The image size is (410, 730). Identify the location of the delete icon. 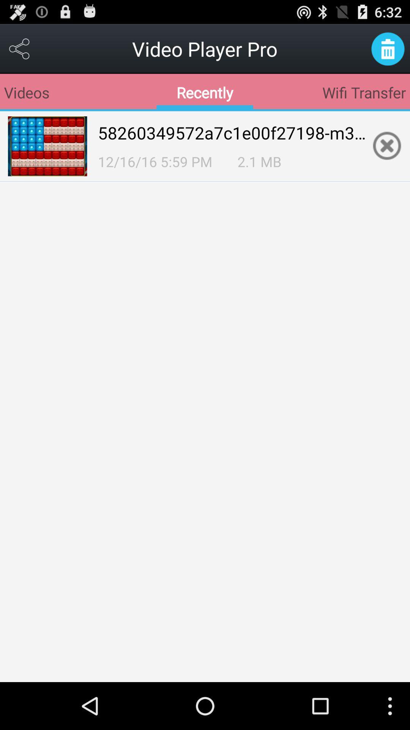
(388, 52).